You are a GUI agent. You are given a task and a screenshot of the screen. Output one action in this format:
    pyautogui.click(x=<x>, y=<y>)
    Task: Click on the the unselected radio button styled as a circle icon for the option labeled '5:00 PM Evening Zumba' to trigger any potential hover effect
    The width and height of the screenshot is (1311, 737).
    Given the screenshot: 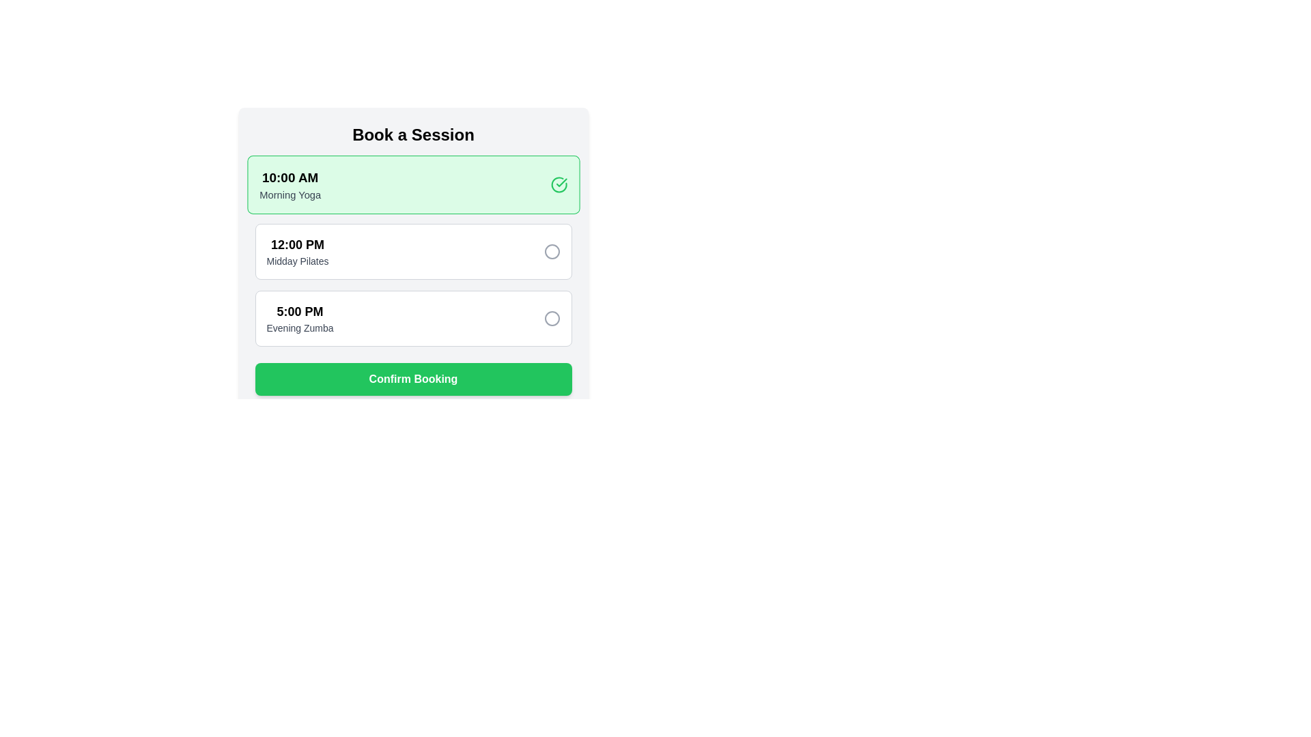 What is the action you would take?
    pyautogui.click(x=552, y=318)
    